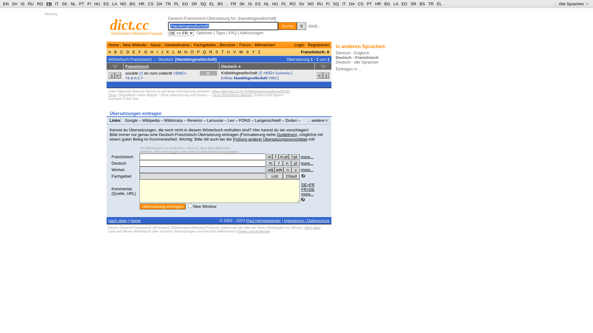 The image size is (593, 333). I want to click on '[offene', so click(226, 77).